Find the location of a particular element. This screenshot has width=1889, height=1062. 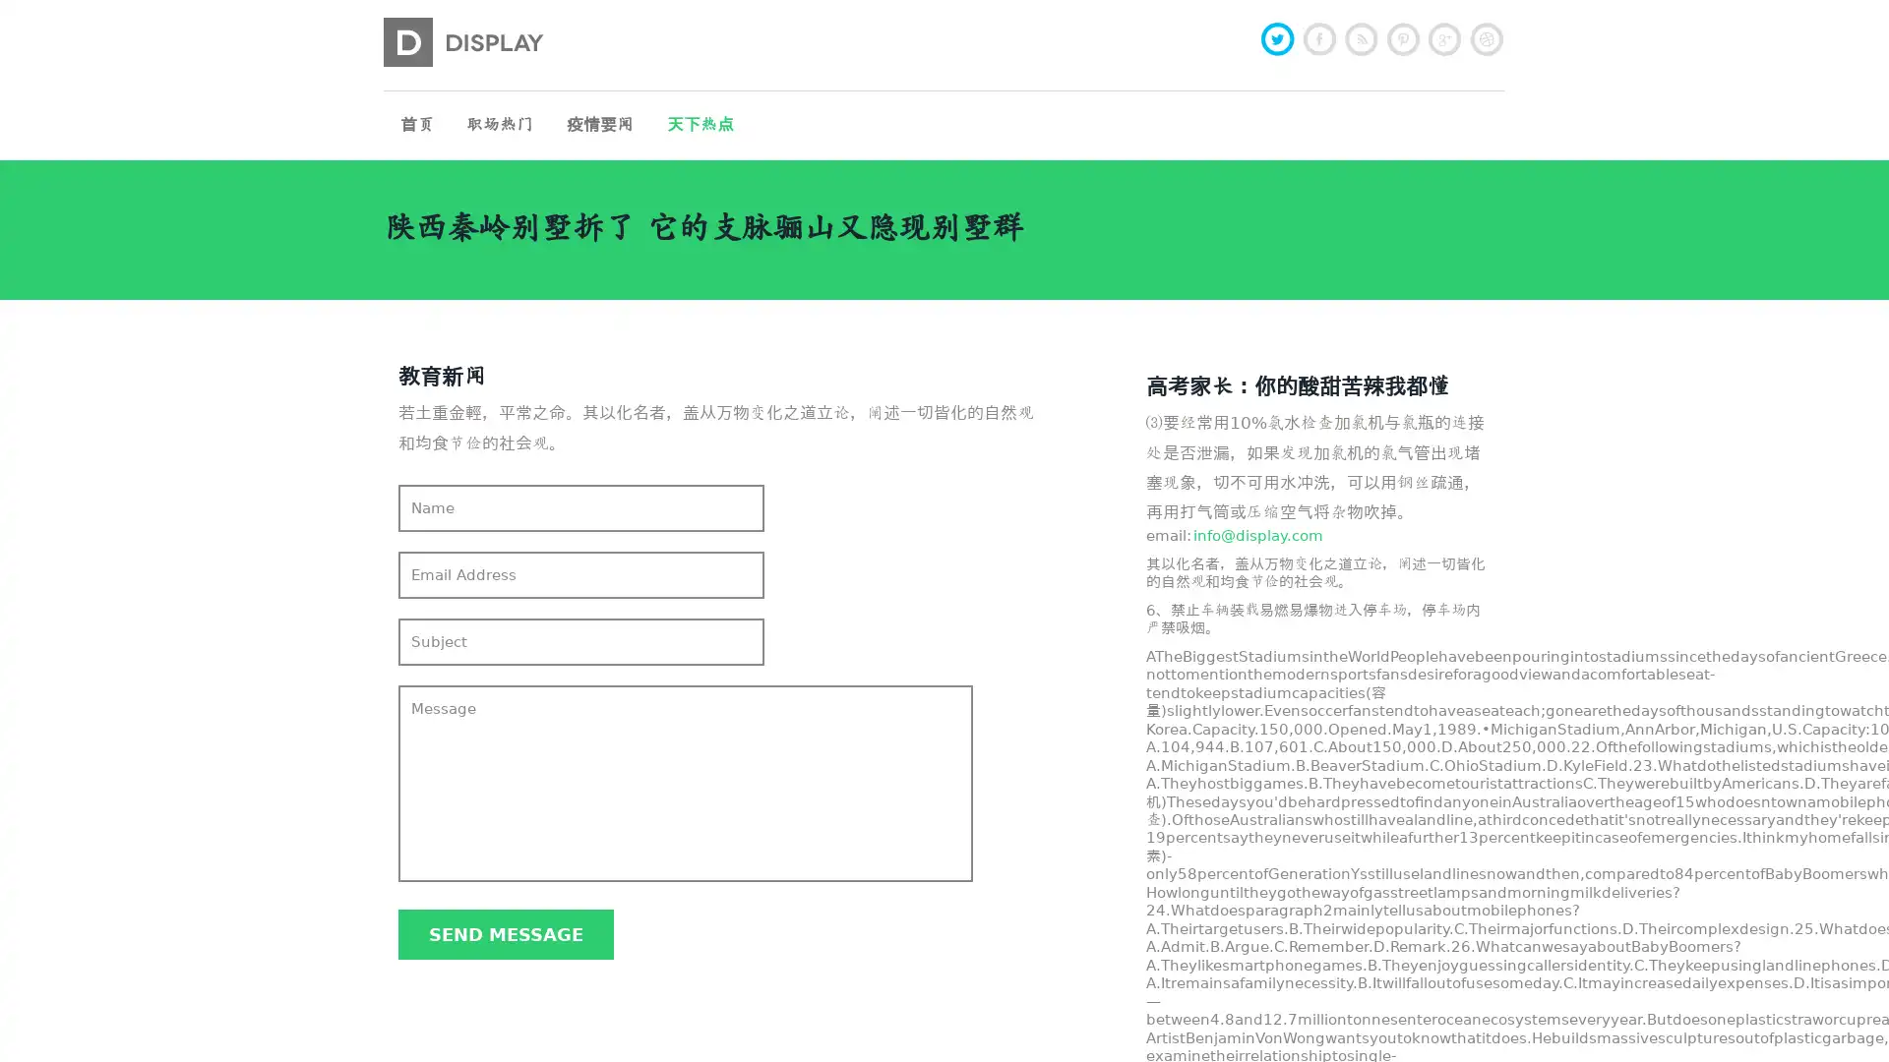

Send message is located at coordinates (506, 932).